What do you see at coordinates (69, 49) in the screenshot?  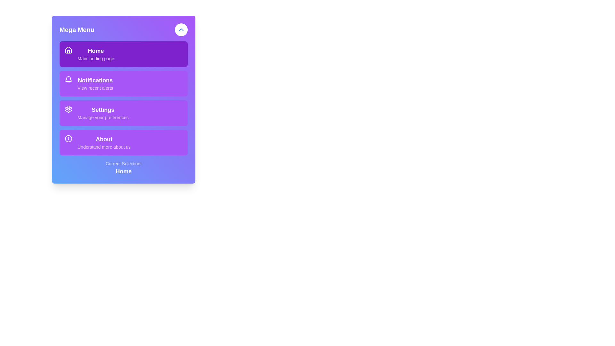 I see `the house icon representing the 'Home' menu option, which is part of a button style in the left segment of the menu interface` at bounding box center [69, 49].